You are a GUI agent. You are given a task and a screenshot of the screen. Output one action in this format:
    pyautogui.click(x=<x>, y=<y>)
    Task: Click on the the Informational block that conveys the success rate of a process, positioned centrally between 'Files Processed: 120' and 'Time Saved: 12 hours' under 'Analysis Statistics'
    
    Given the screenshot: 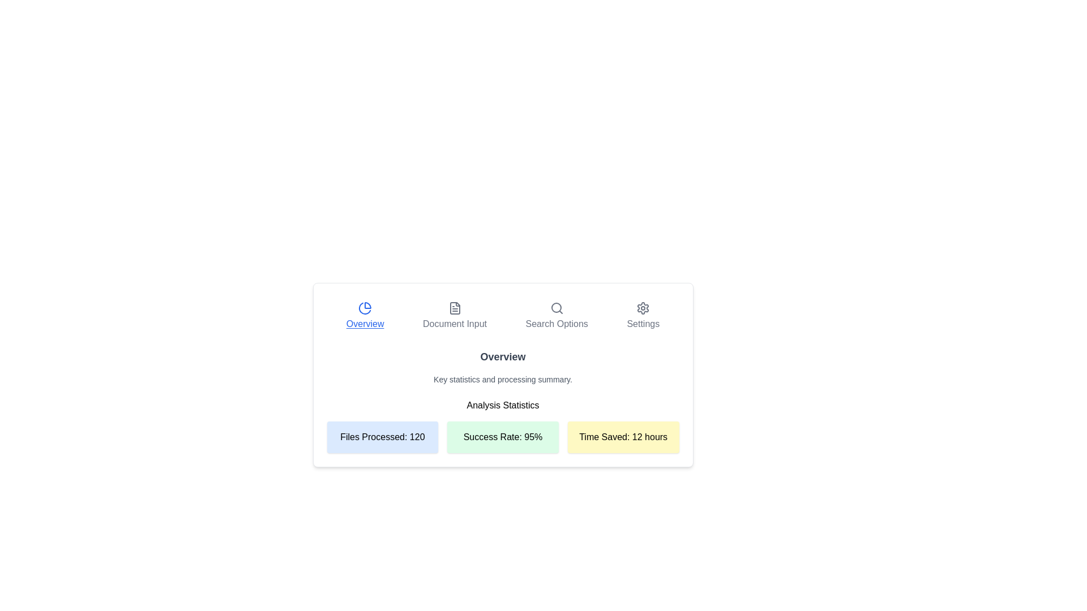 What is the action you would take?
    pyautogui.click(x=502, y=425)
    